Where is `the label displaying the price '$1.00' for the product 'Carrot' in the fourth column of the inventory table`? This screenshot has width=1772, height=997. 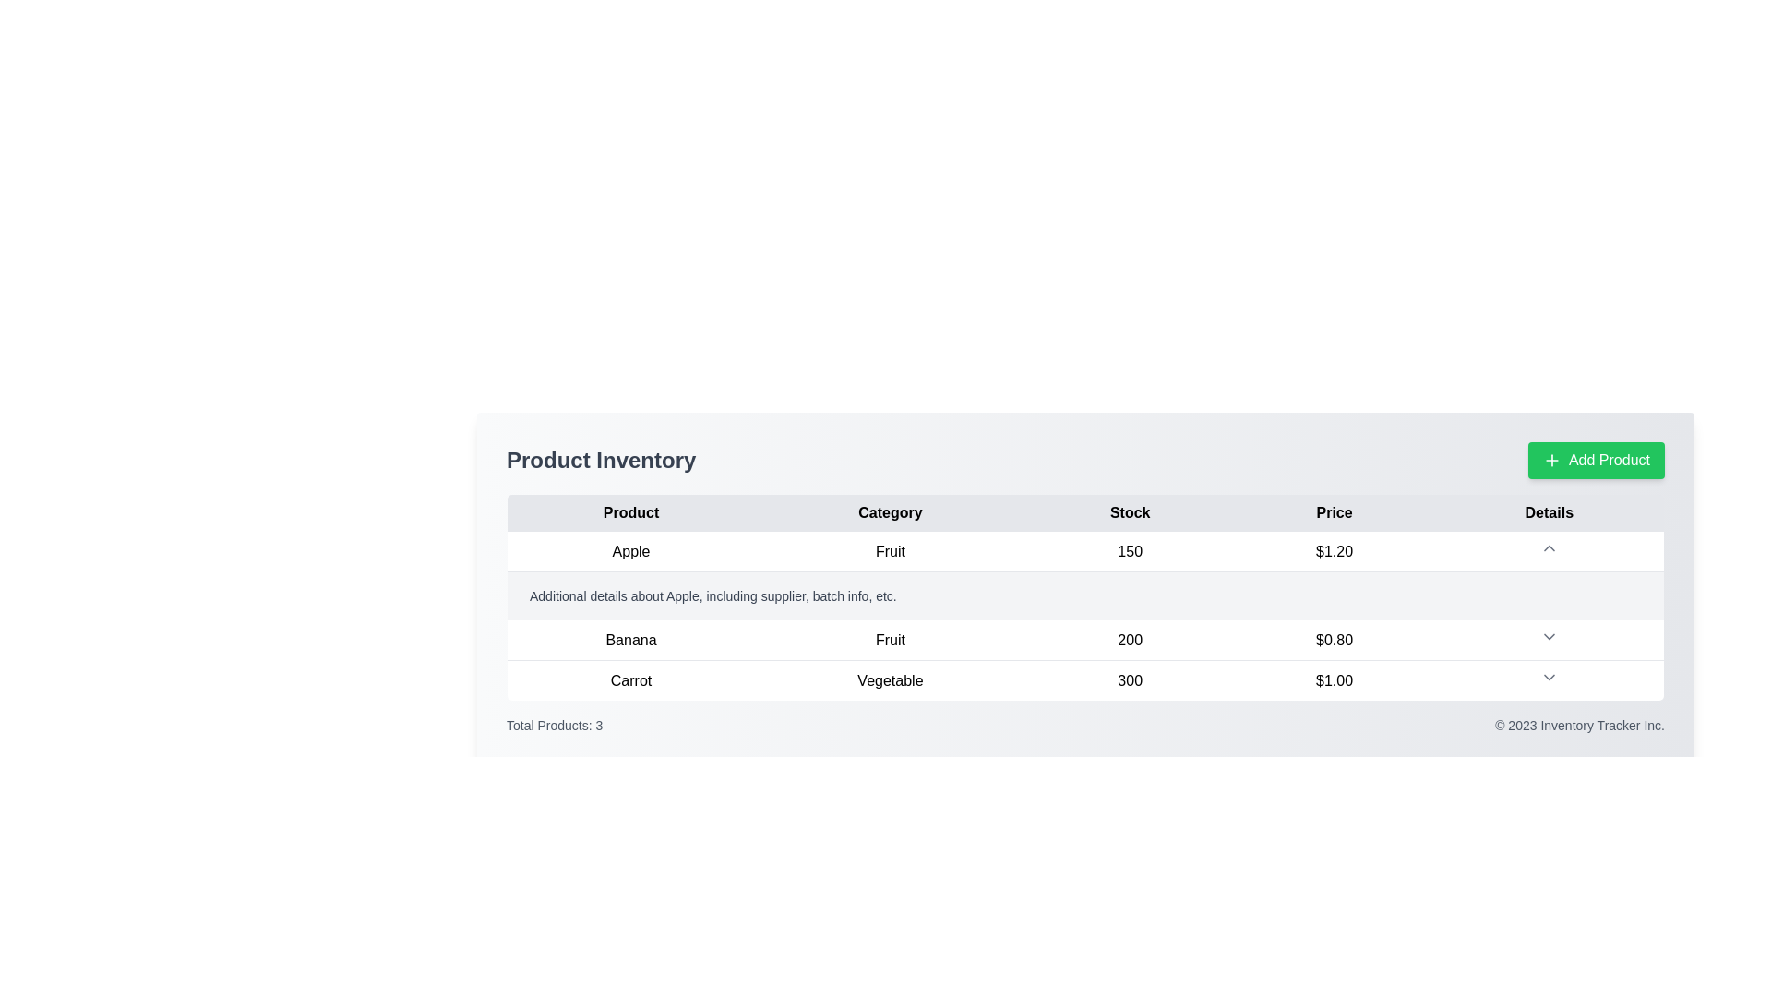 the label displaying the price '$1.00' for the product 'Carrot' in the fourth column of the inventory table is located at coordinates (1335, 680).